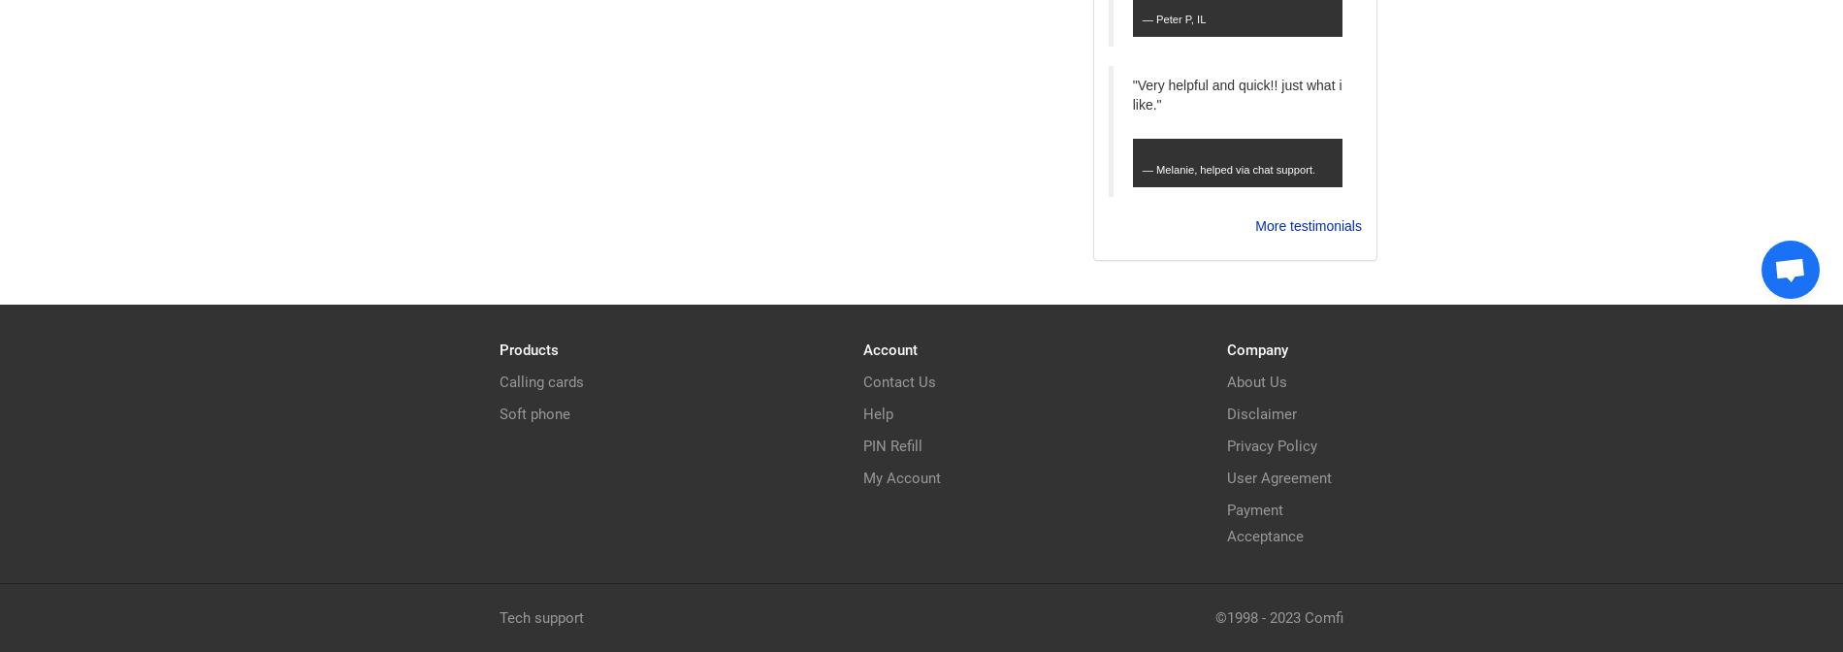 Image resolution: width=1843 pixels, height=652 pixels. Describe the element at coordinates (901, 476) in the screenshot. I see `'My Account'` at that location.